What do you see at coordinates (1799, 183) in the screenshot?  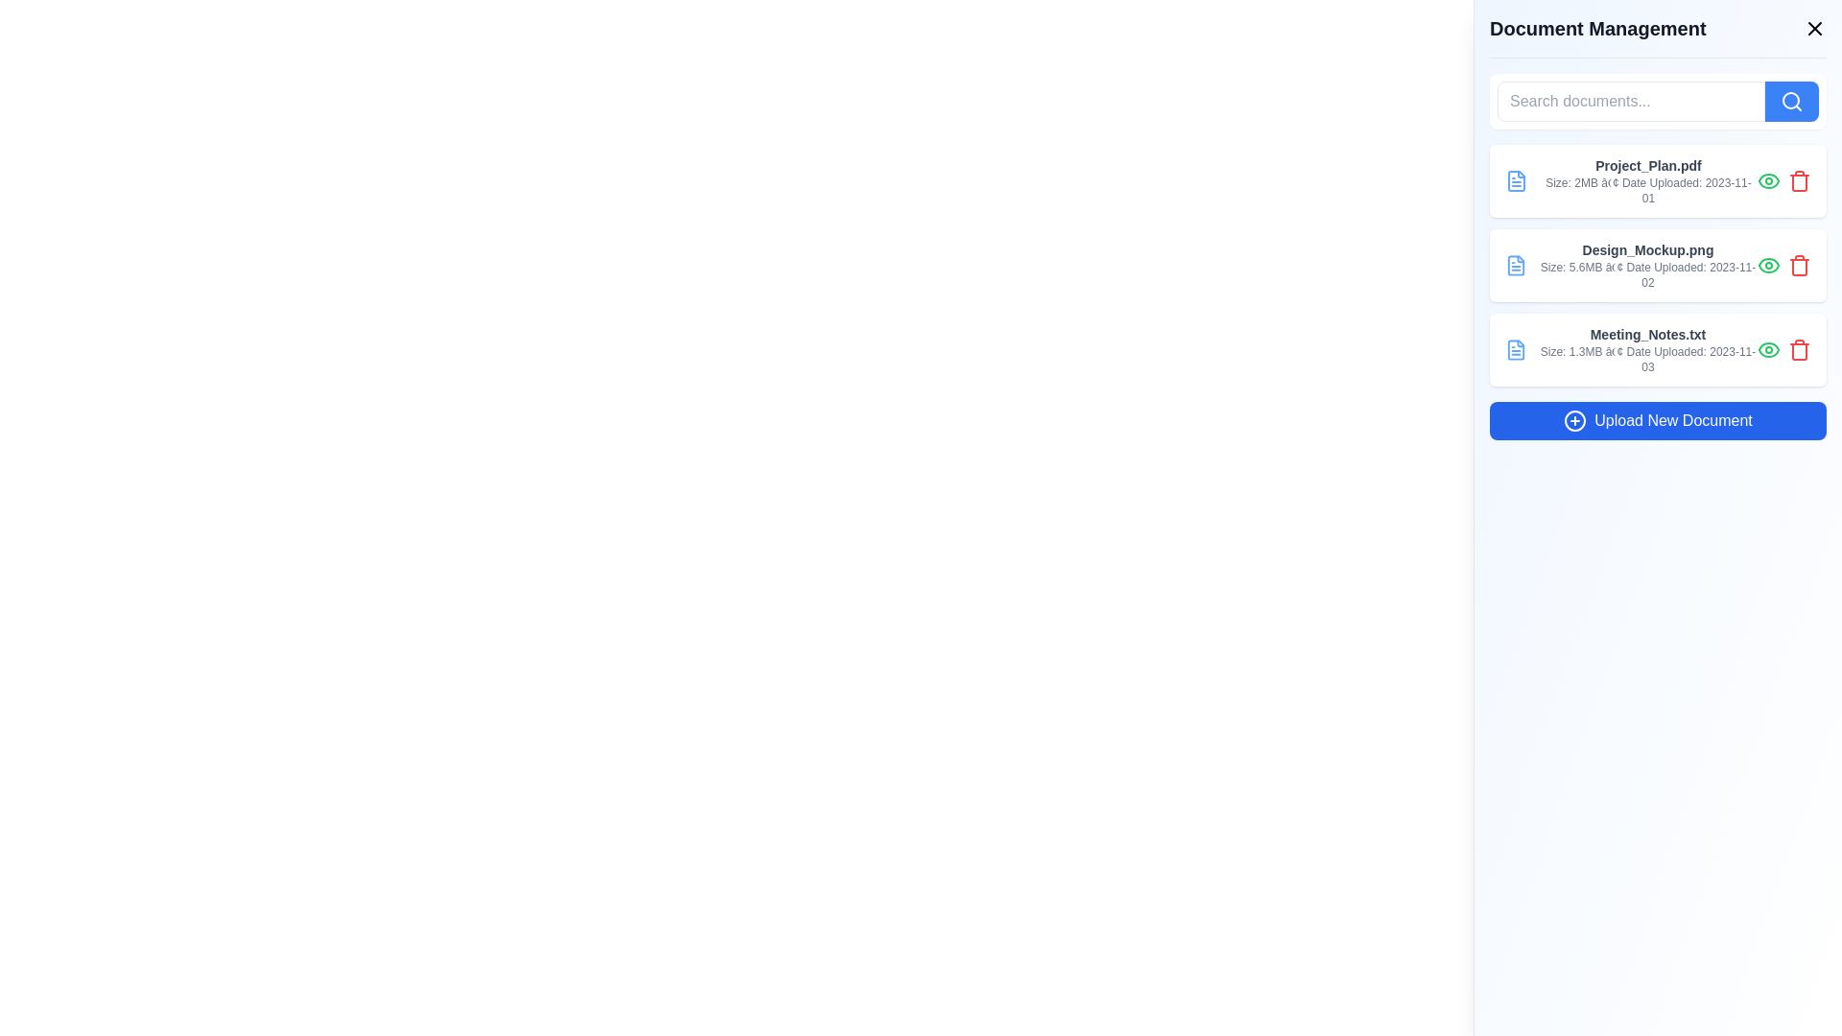 I see `the 'Meeting_Notes.txt' file from the document list using the delete icon represented by the trash bin outline` at bounding box center [1799, 183].